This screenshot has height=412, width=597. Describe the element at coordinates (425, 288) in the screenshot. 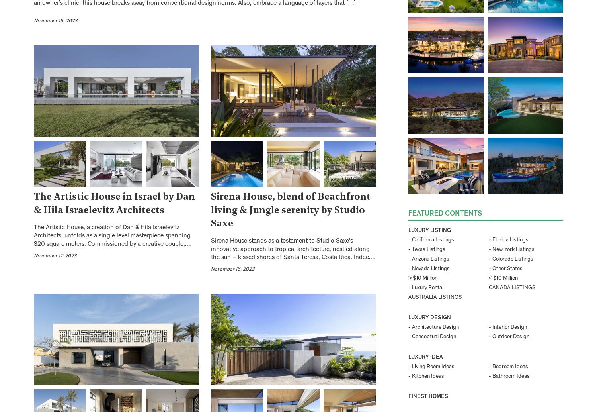

I see `'- Luxury Rental'` at that location.